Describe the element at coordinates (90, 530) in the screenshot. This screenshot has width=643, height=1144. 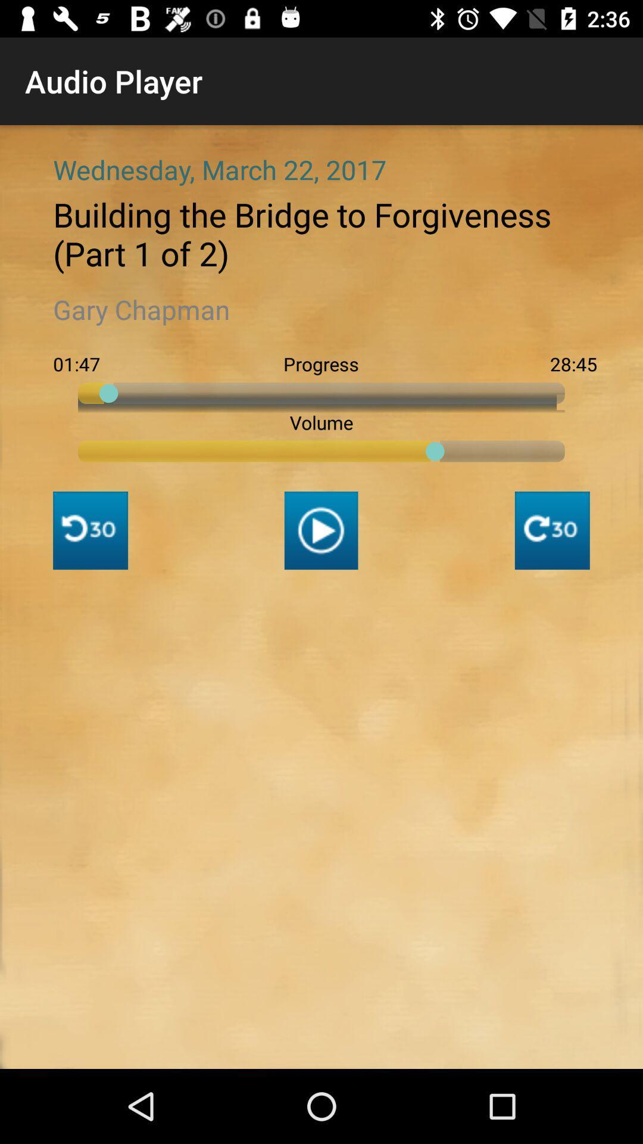
I see `icon on the left` at that location.